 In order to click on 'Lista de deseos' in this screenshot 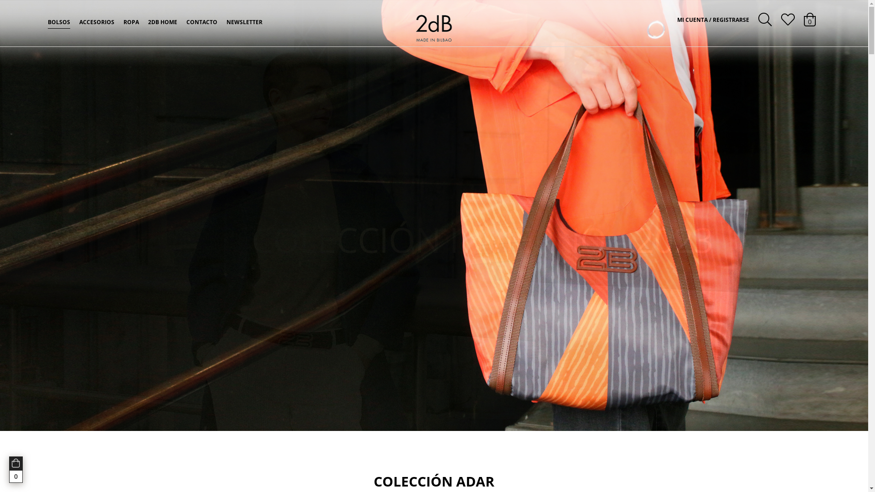, I will do `click(787, 19)`.